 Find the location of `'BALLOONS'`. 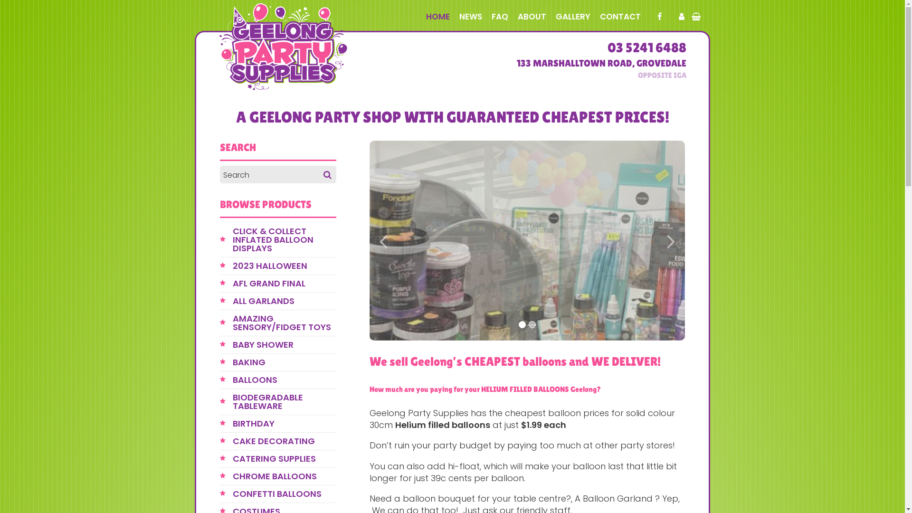

'BALLOONS' is located at coordinates (284, 379).